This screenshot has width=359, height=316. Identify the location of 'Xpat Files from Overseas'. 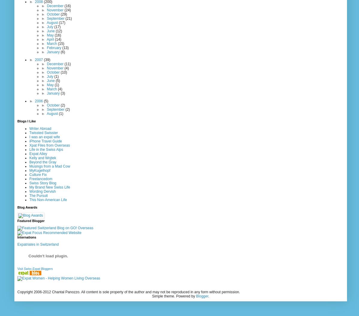
(49, 145).